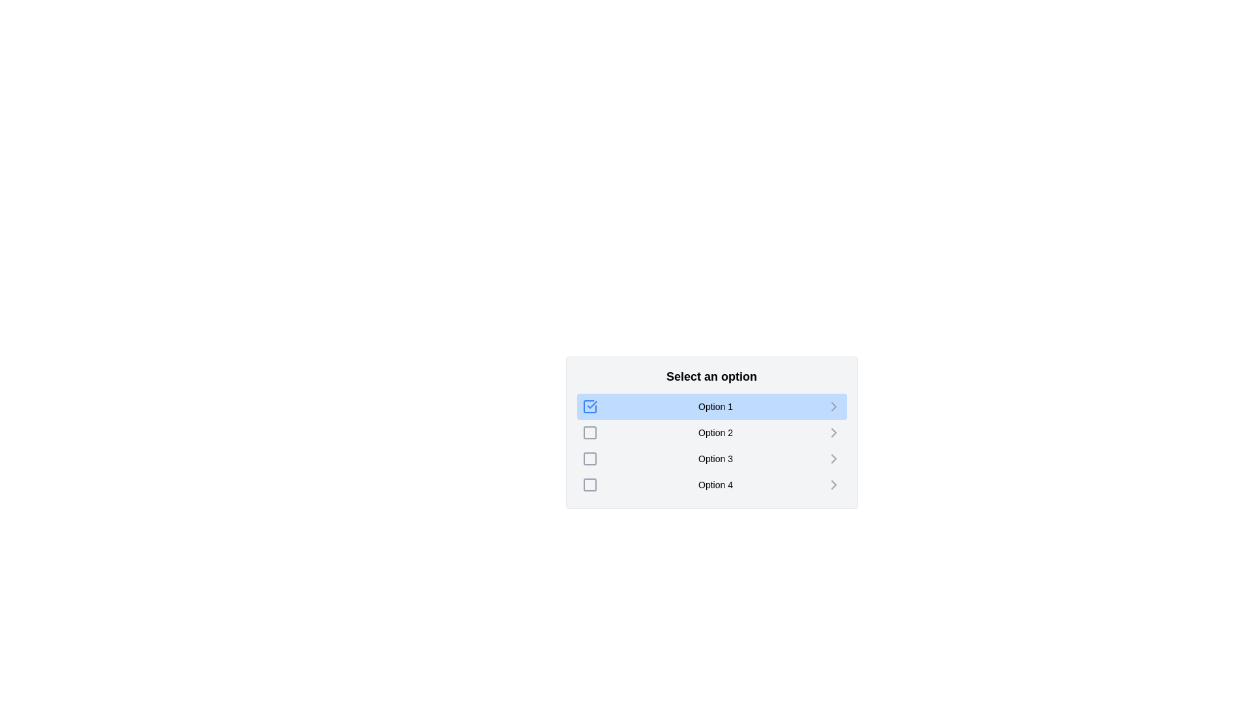 The image size is (1252, 704). Describe the element at coordinates (715, 432) in the screenshot. I see `the 'Option 2' text label, which is the second selectable option in the vertical list, positioned to the right of an icon and to the left of a right-pointing arrow` at that location.